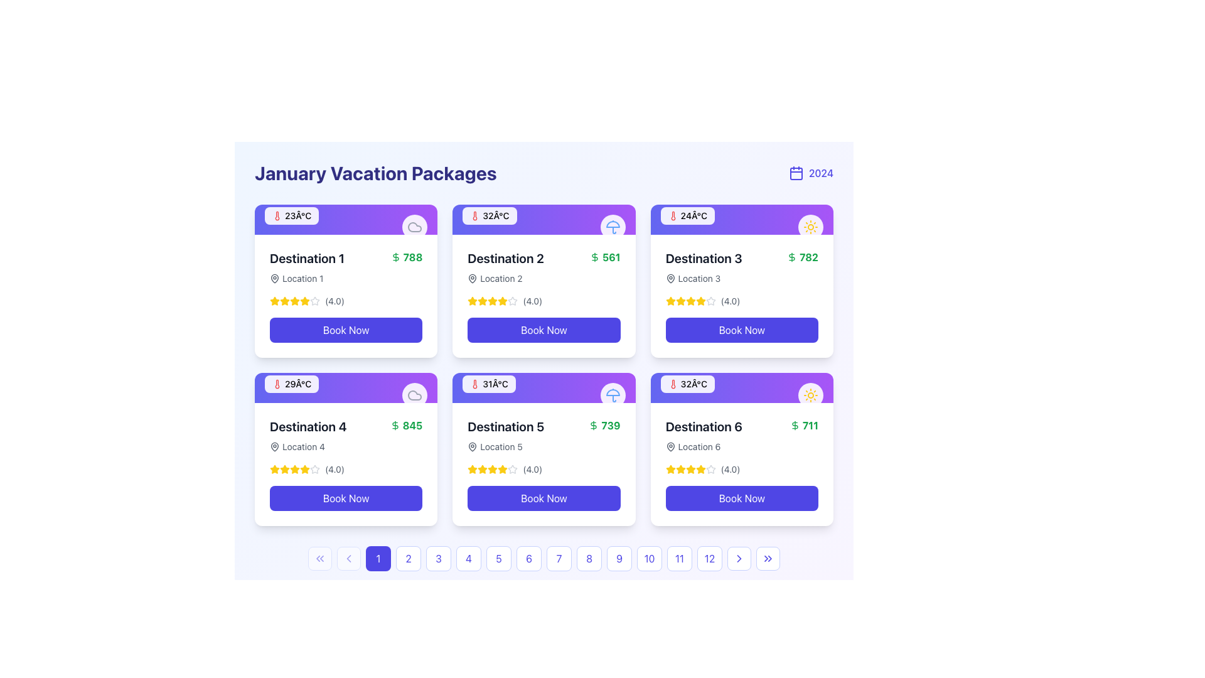 This screenshot has width=1205, height=678. What do you see at coordinates (710, 558) in the screenshot?
I see `the twelfth button in the pagination component` at bounding box center [710, 558].